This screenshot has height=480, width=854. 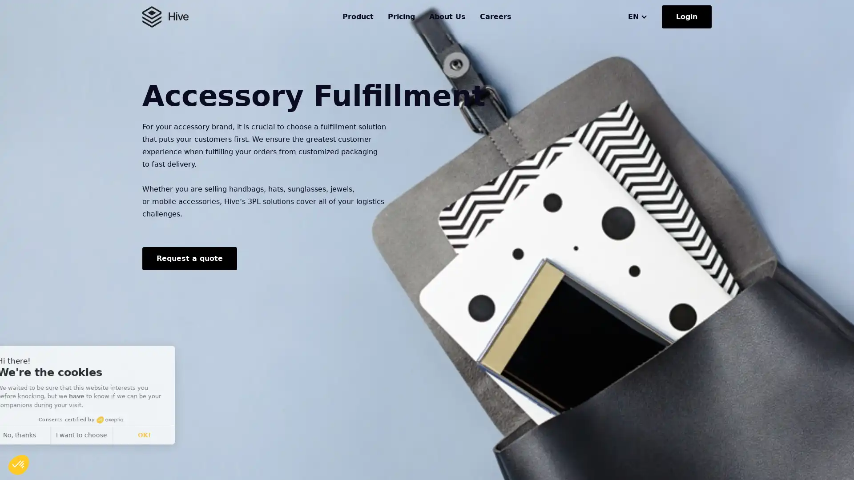 I want to click on OK!, so click(x=164, y=435).